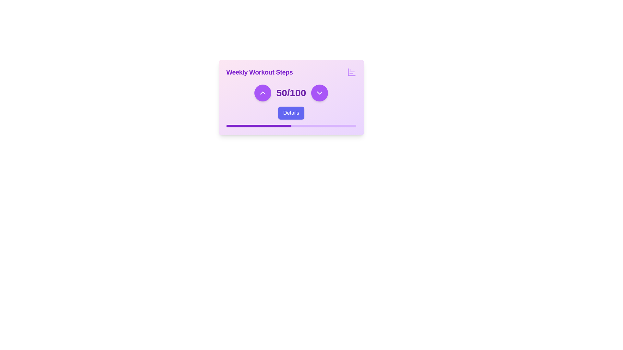  I want to click on the title text element 'Weekly Workout Steps', which serves as a header providing context for the related widget or section, so click(259, 72).